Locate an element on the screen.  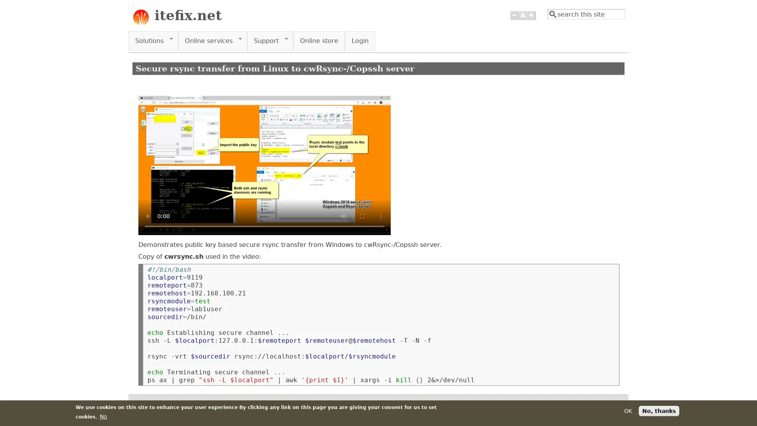
enter full screen is located at coordinates (362, 216).